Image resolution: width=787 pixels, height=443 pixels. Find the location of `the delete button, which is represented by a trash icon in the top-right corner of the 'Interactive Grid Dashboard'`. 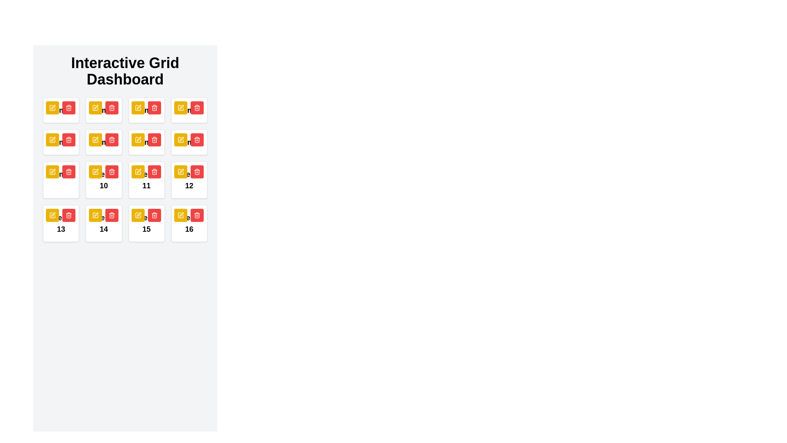

the delete button, which is represented by a trash icon in the top-right corner of the 'Interactive Grid Dashboard' is located at coordinates (111, 140).